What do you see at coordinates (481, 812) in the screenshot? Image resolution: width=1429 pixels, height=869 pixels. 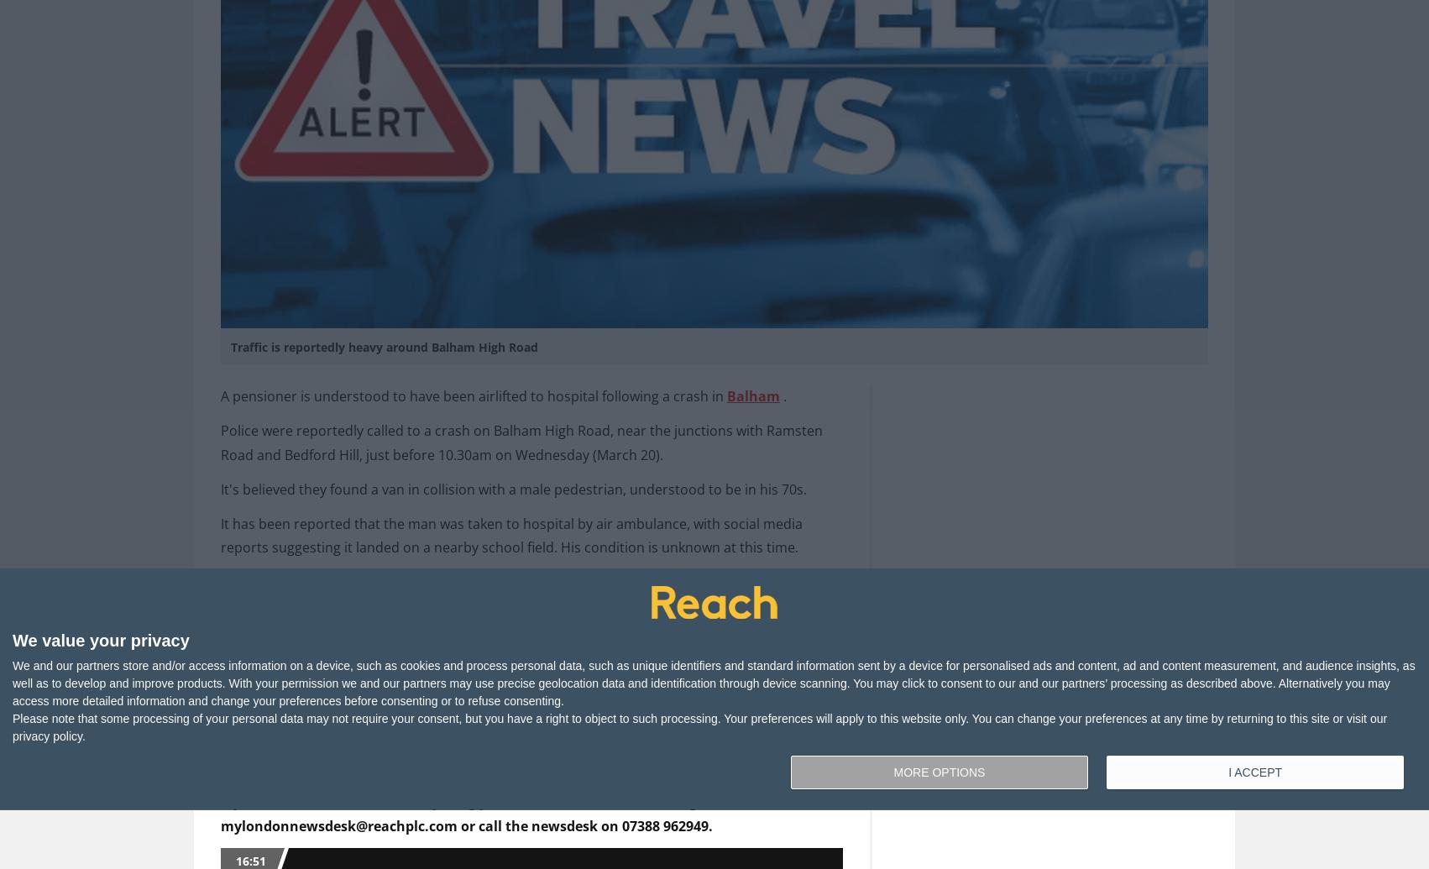 I see `'If you ever see or hear about anything you think we should be covering, email mylondonnewsdesk@reachplc.com or call the newsdesk on 07388 962949.'` at bounding box center [481, 812].